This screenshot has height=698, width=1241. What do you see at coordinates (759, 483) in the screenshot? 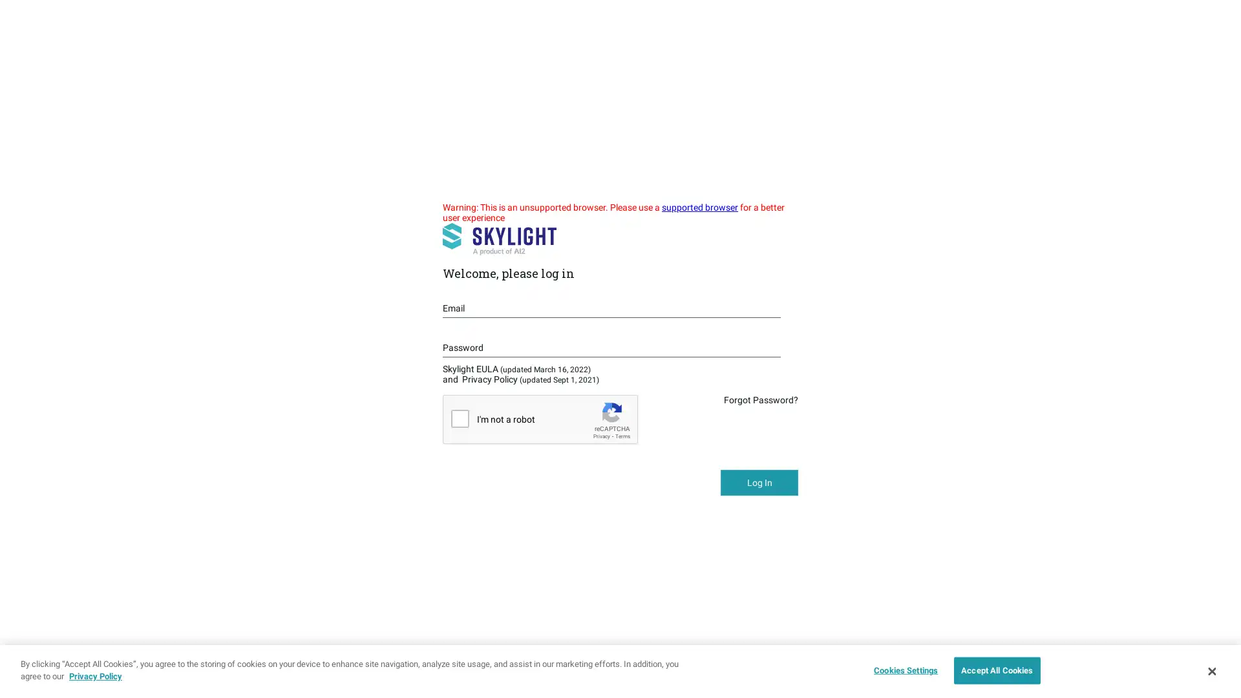
I see `Log In` at bounding box center [759, 483].